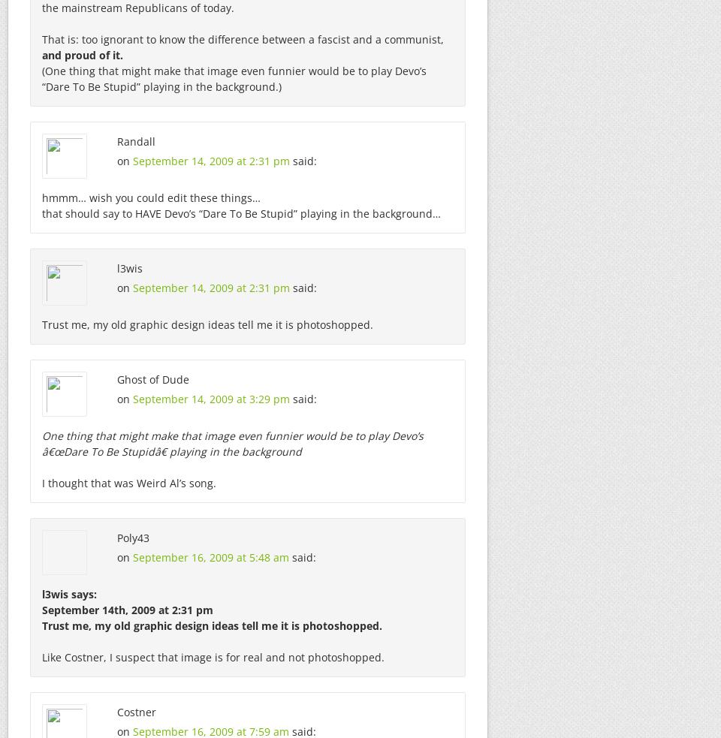 This screenshot has width=721, height=738. I want to click on 'l3wis says:', so click(69, 593).